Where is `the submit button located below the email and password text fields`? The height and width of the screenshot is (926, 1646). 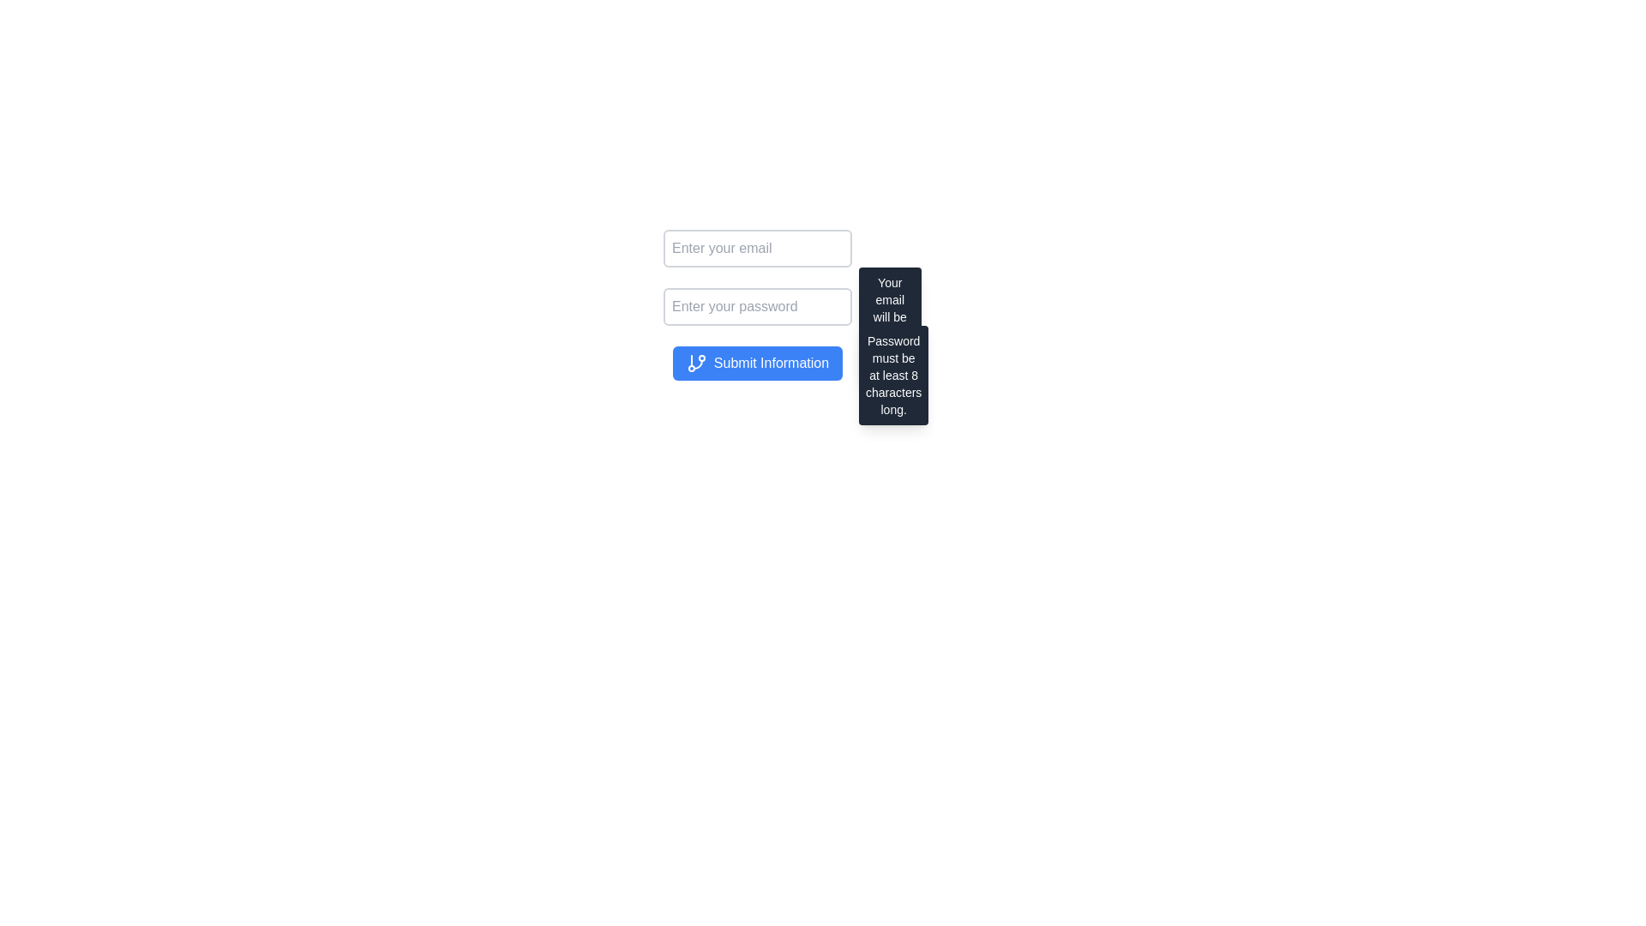 the submit button located below the email and password text fields is located at coordinates (756, 363).